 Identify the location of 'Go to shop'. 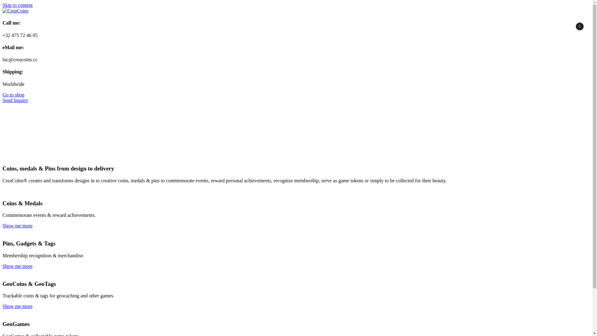
(13, 95).